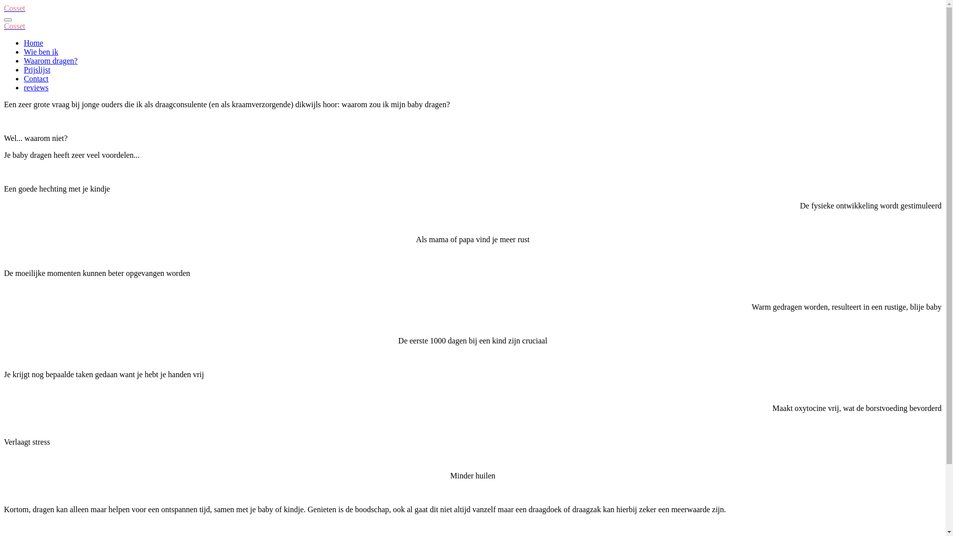  What do you see at coordinates (14, 8) in the screenshot?
I see `'Cosset'` at bounding box center [14, 8].